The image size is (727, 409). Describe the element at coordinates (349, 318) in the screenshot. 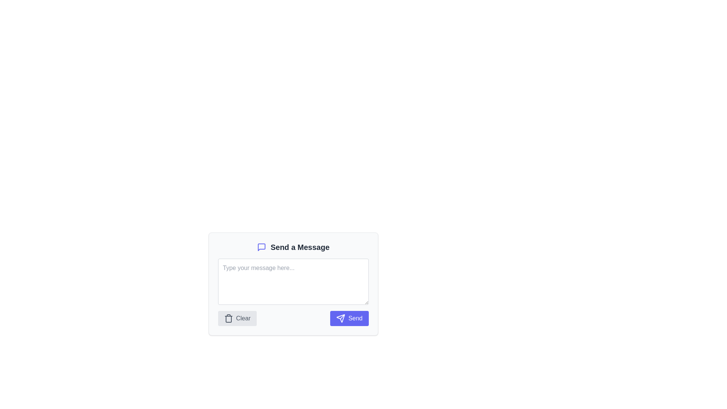

I see `the 'Send' button, which is a rectangular button with a gradient blue background and white text, located at the bottom right of a user interaction card` at that location.